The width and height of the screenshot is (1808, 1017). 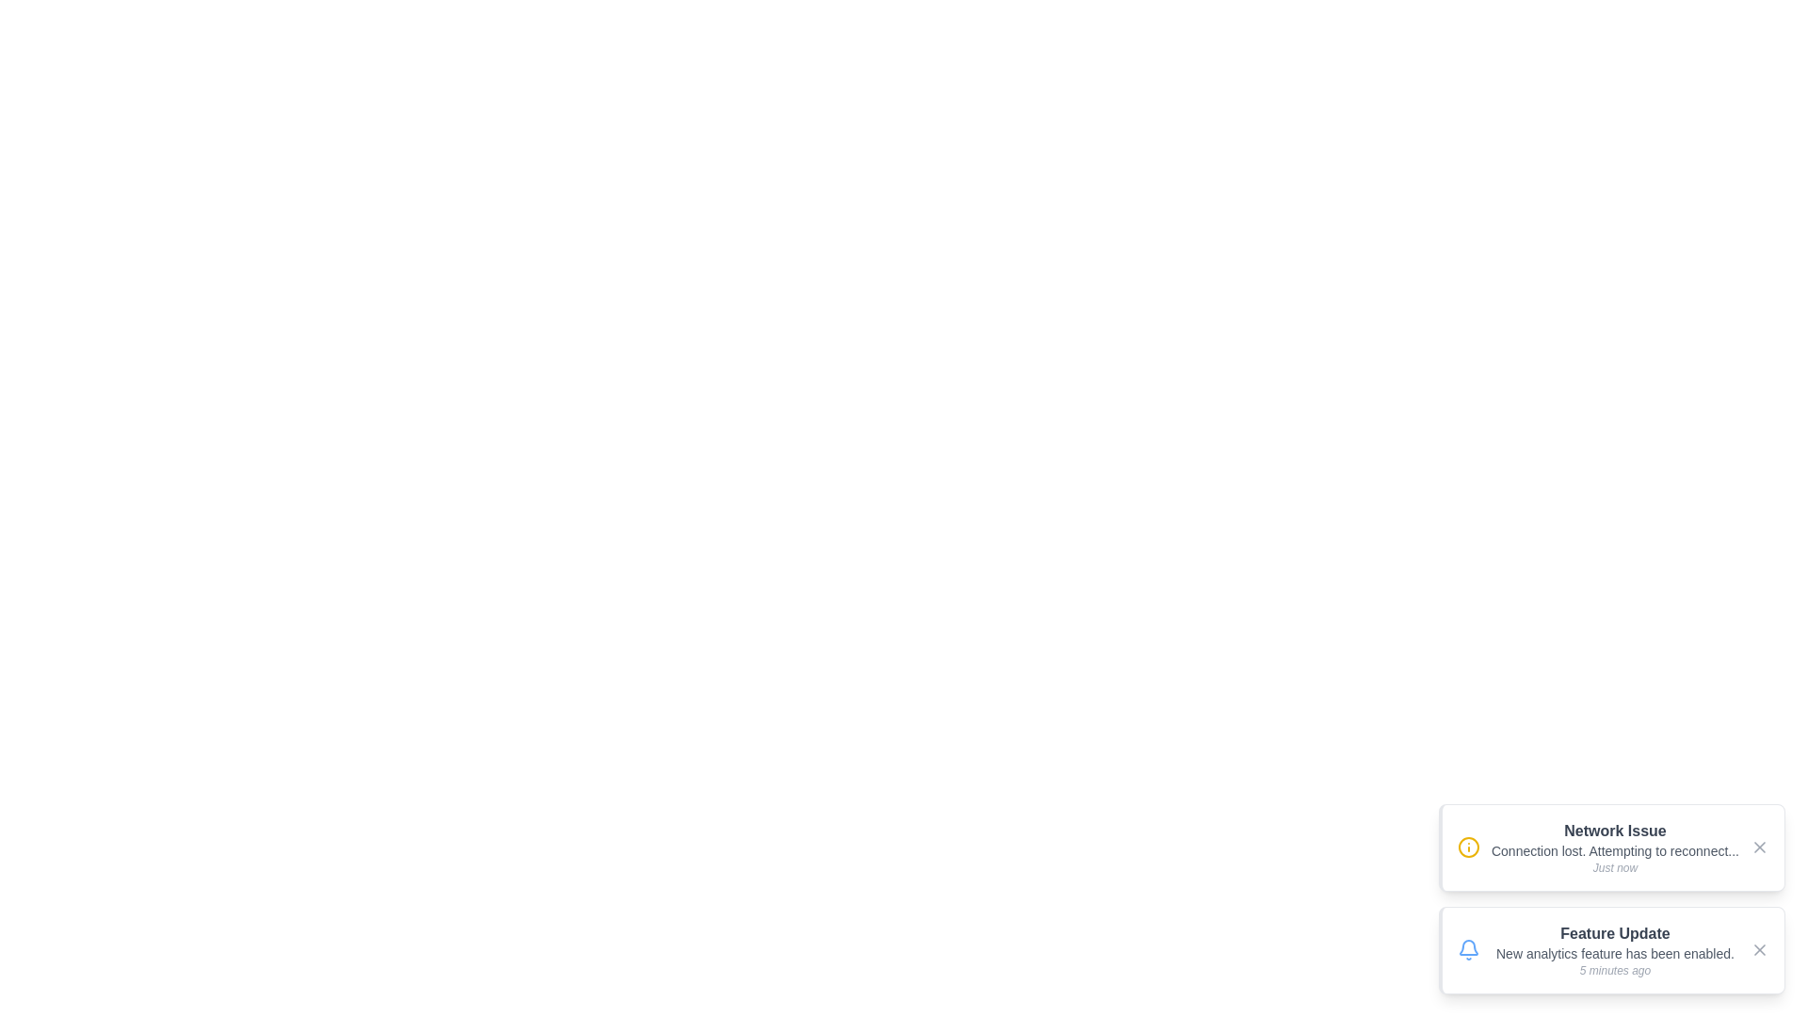 What do you see at coordinates (1468, 950) in the screenshot?
I see `the notification icon for Feature Update` at bounding box center [1468, 950].